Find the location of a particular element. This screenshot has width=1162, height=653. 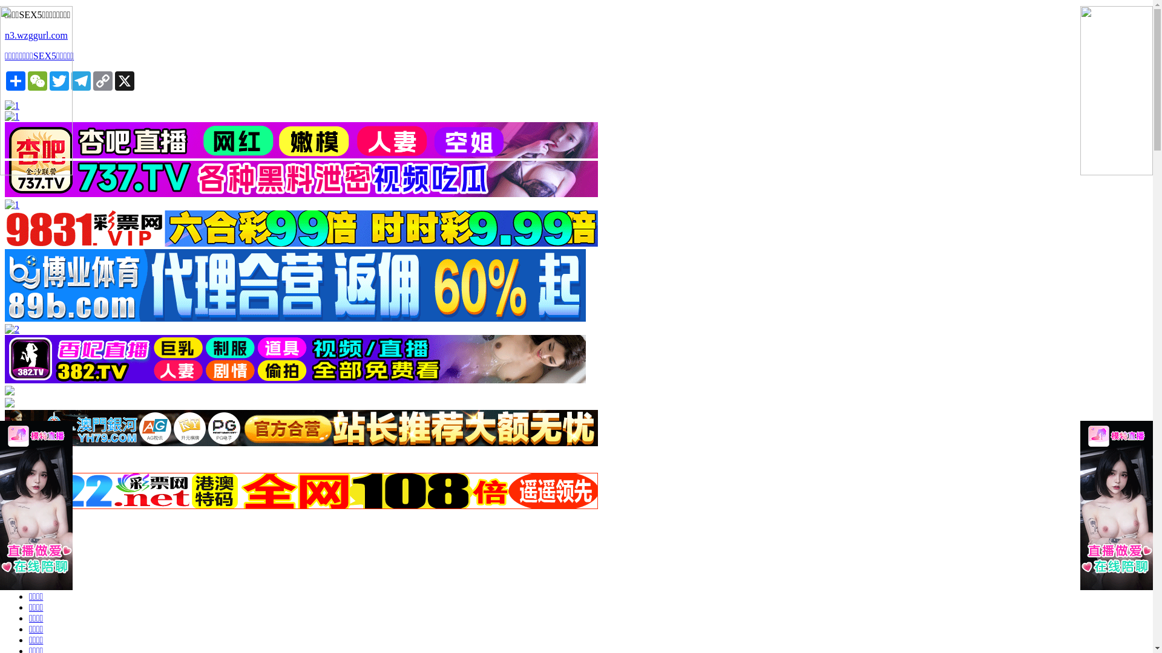

'Telegram' is located at coordinates (80, 81).